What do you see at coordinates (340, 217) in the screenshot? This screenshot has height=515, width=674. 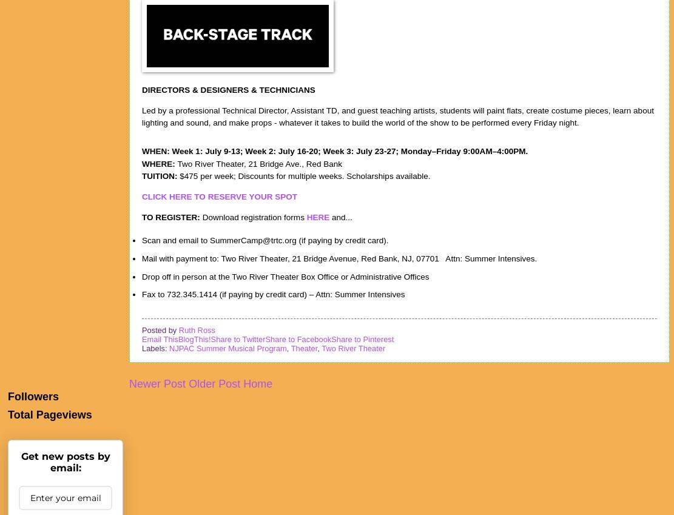 I see `'and...'` at bounding box center [340, 217].